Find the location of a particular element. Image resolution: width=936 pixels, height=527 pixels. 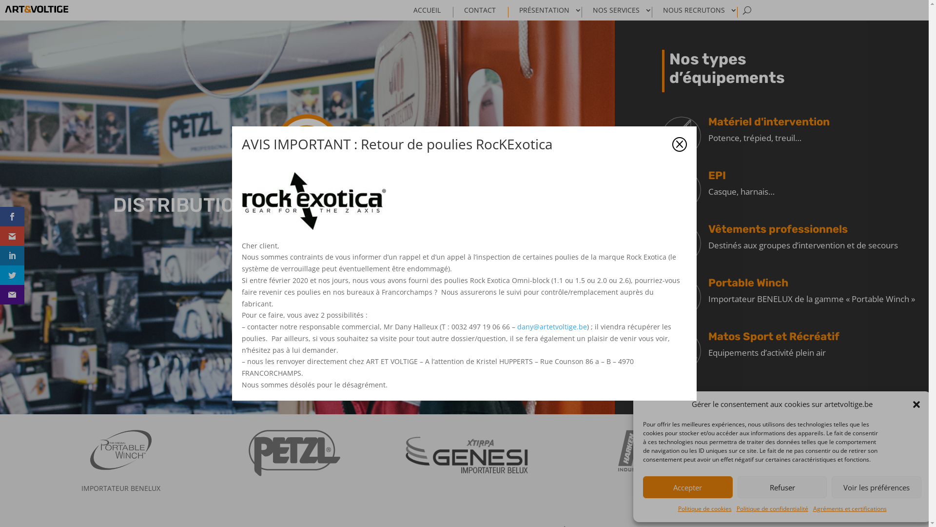

'NOUS RECRUTONS' is located at coordinates (700, 12).